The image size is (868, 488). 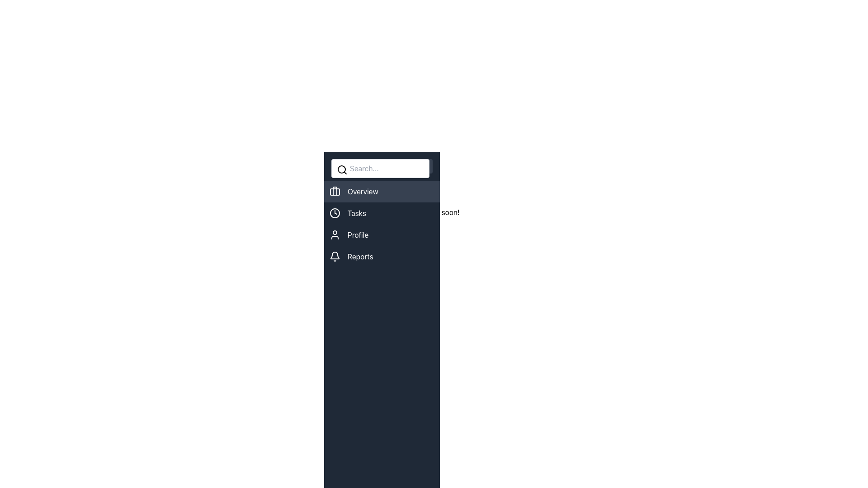 I want to click on the Menu item located in the second row of the vertical menu, which is positioned below 'Overview' and above 'Profile', so click(x=382, y=213).